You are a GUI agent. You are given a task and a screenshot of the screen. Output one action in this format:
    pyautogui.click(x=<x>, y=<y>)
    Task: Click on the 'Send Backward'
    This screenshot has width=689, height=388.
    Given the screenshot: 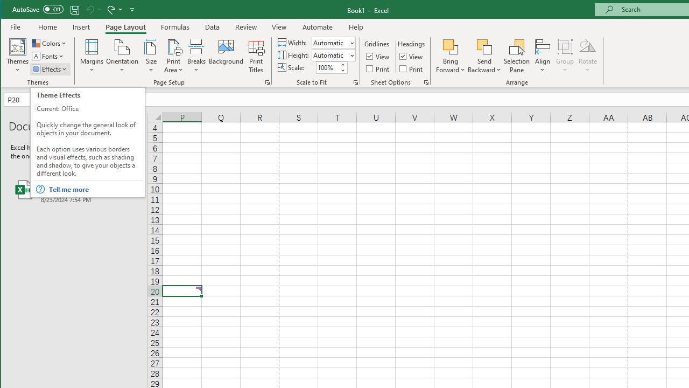 What is the action you would take?
    pyautogui.click(x=484, y=46)
    